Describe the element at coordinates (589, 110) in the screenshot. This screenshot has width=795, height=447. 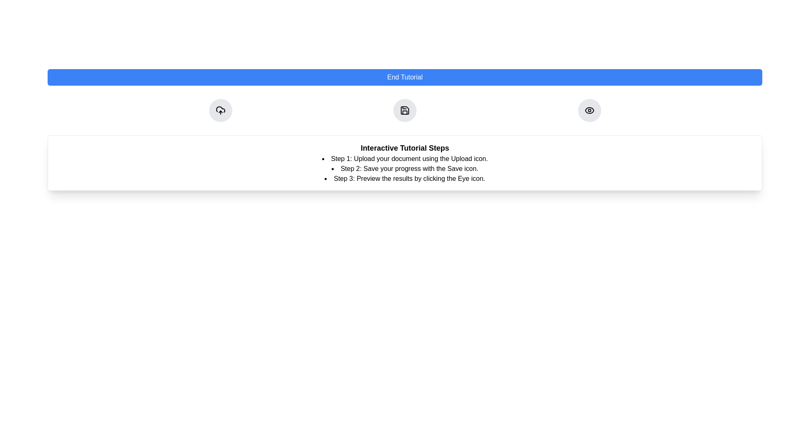
I see `the third interactive icon, a circular icon with a gray background and an eye symbol in the center, located towards the far right of a horizontally aligned group of icons` at that location.